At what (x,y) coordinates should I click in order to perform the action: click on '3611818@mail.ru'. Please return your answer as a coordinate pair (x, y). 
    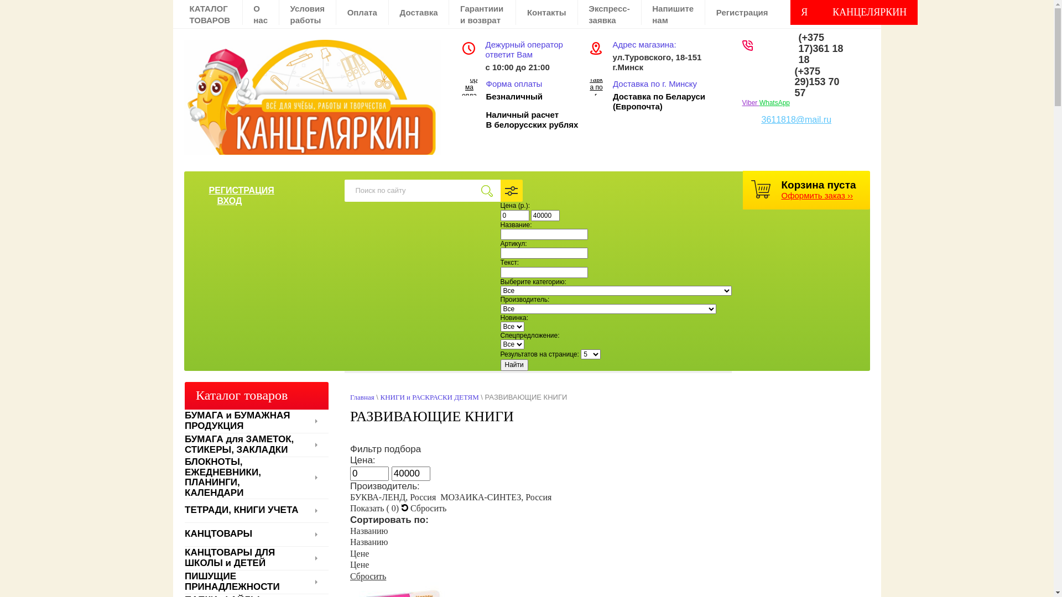
    Looking at the image, I should click on (795, 119).